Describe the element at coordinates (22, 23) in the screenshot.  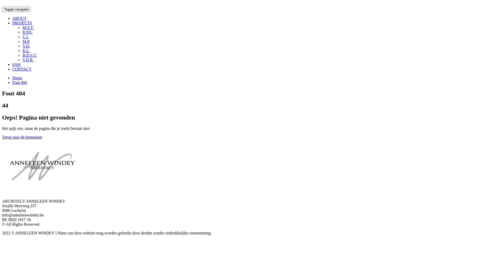
I see `'PROJECTS'` at that location.